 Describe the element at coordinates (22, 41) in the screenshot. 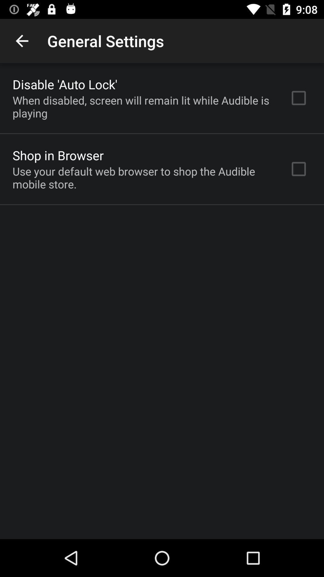

I see `item above the disable 'auto lock'` at that location.